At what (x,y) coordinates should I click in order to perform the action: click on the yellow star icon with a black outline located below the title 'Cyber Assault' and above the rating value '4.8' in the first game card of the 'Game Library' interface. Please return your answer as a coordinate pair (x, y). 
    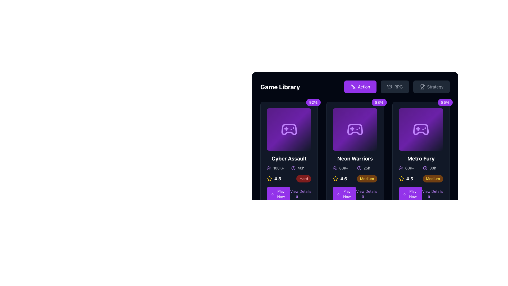
    Looking at the image, I should click on (269, 178).